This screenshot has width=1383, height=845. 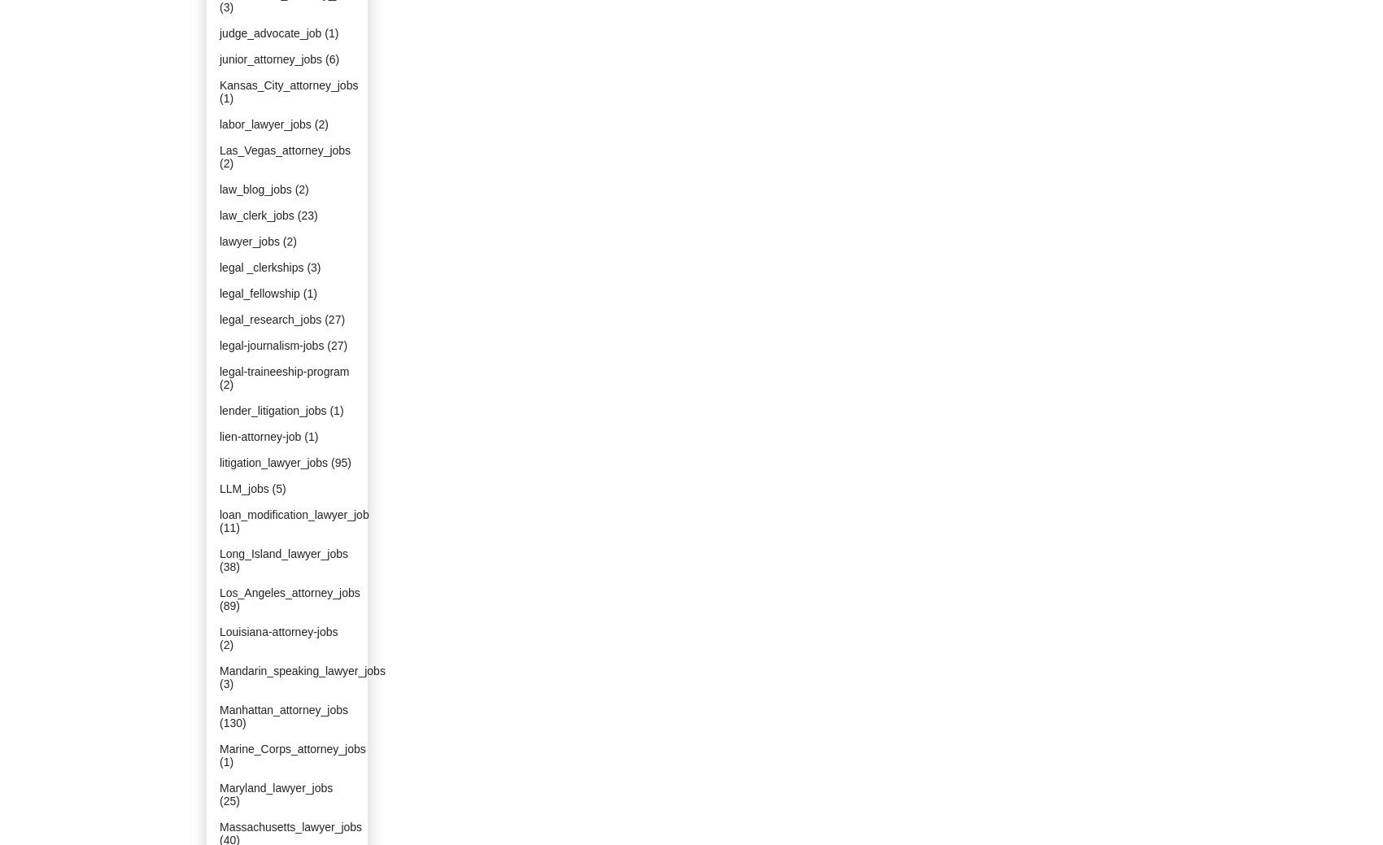 I want to click on 'legal _clerkships', so click(x=219, y=268).